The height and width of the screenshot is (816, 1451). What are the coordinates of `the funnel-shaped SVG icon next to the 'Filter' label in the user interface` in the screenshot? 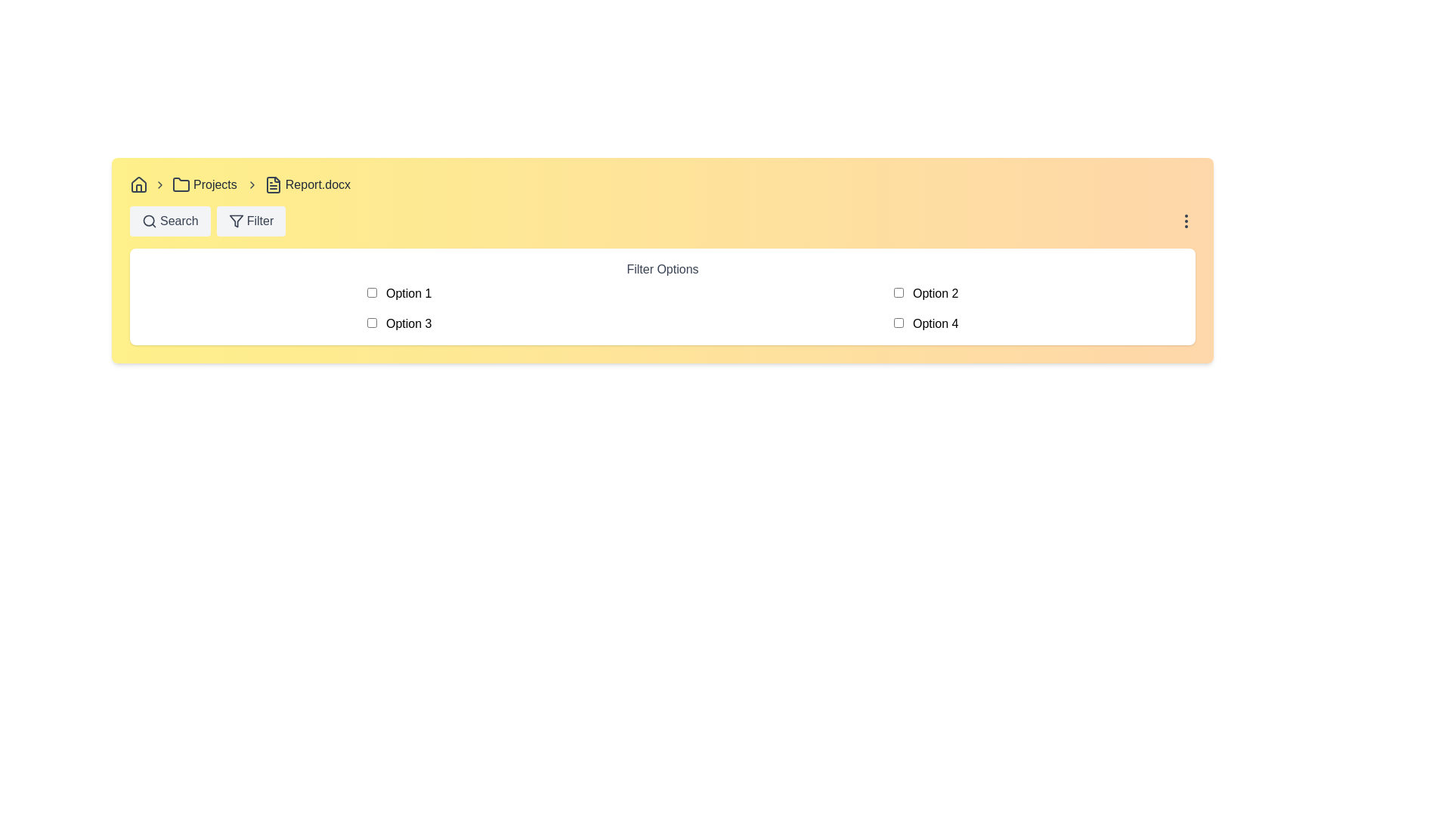 It's located at (235, 221).